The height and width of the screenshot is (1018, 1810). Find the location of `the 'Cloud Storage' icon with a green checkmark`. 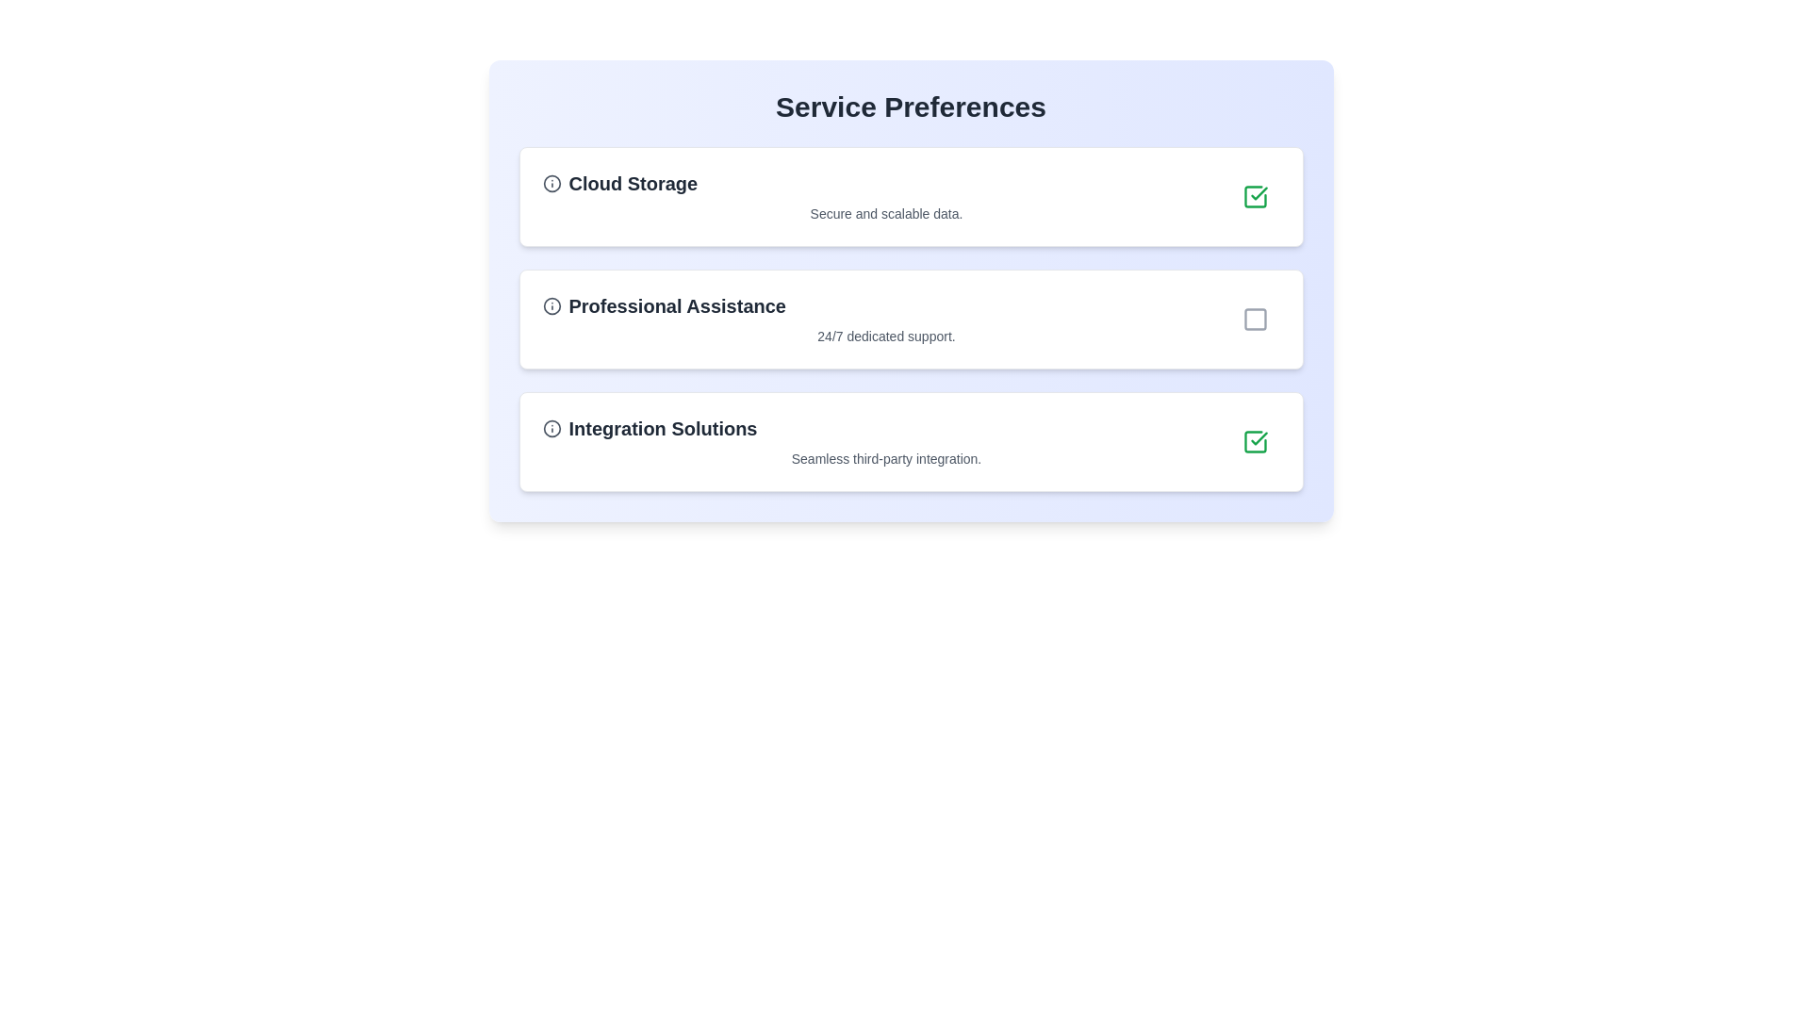

the 'Cloud Storage' icon with a green checkmark is located at coordinates (1255, 196).